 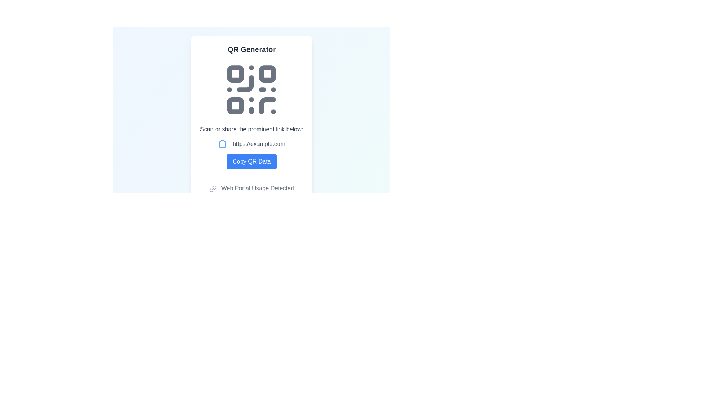 I want to click on the small gray square QR code module with rounded corners located in the top-left corner of the QR code graphic in the QR Generator section, so click(x=236, y=74).